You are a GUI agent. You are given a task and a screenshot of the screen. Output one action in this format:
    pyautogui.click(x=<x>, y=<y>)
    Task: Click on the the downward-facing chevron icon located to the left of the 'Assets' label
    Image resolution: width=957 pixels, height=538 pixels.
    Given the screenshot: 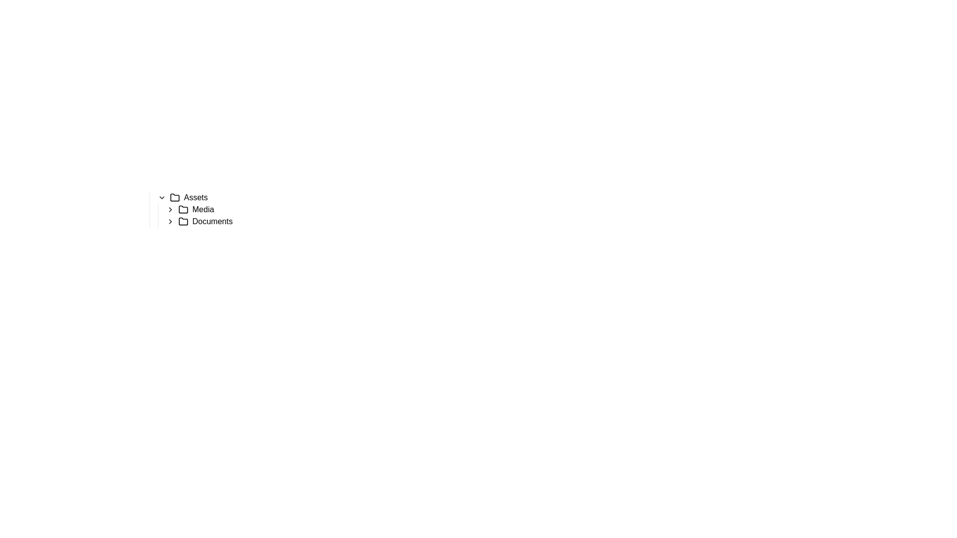 What is the action you would take?
    pyautogui.click(x=162, y=198)
    